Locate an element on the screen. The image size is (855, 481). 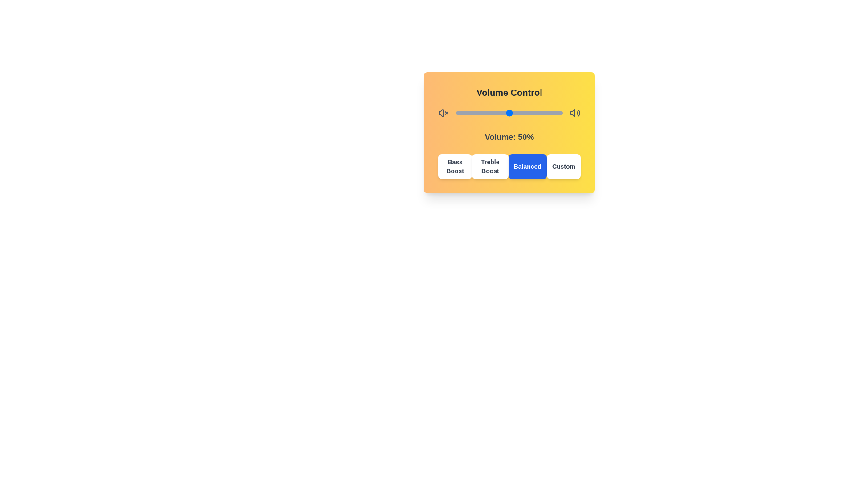
the 'Custom' button to select the corresponding sound profile is located at coordinates (563, 167).